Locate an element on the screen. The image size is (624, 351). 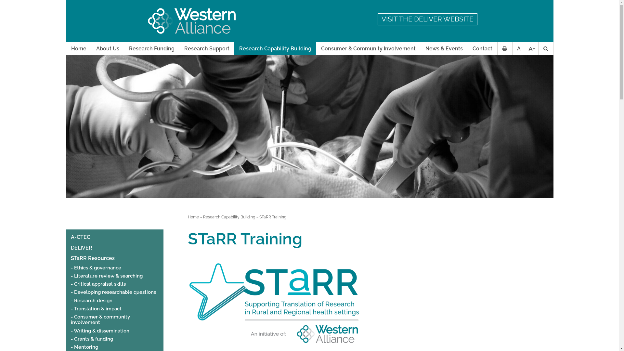
'Ethics & governance' is located at coordinates (96, 268).